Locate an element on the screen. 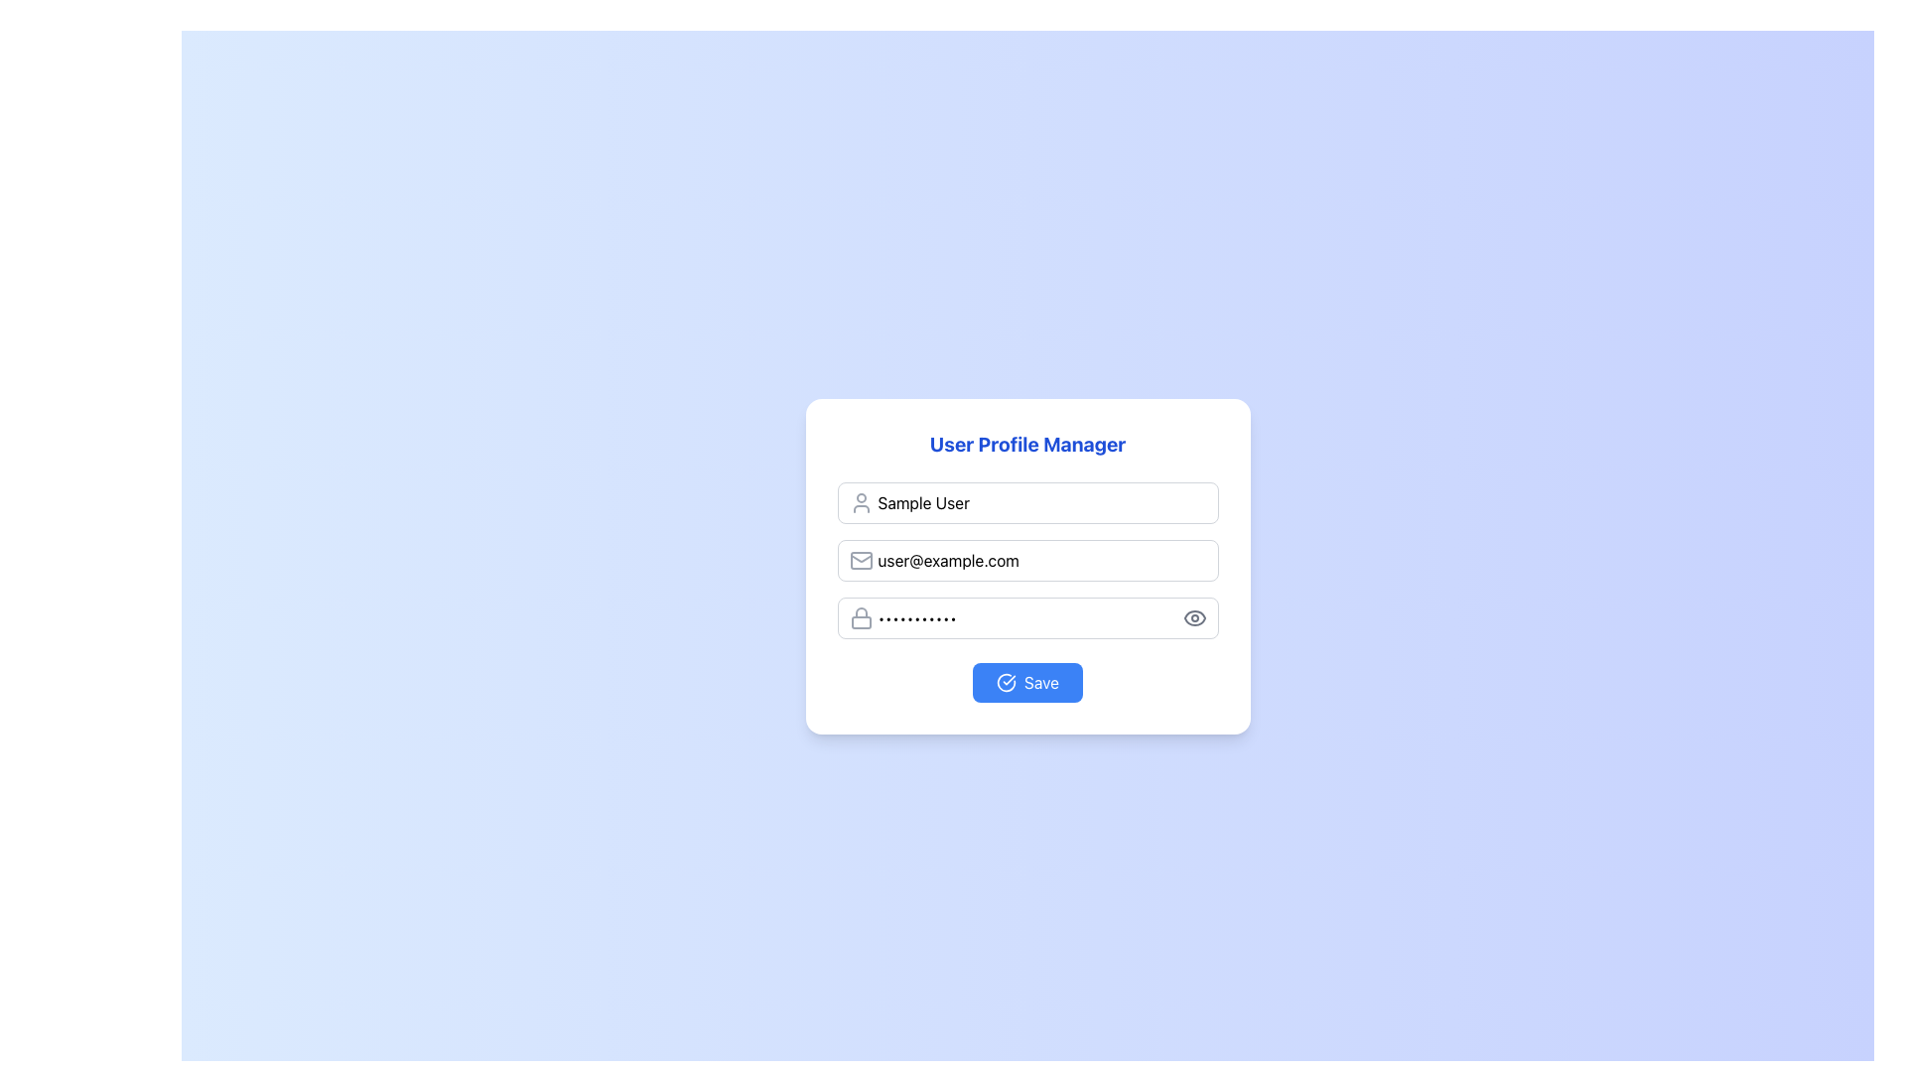 Image resolution: width=1906 pixels, height=1072 pixels. the decorative icon inside the 'Save' button, which is positioned on the left side of the button next to the 'Save' text is located at coordinates (1006, 681).